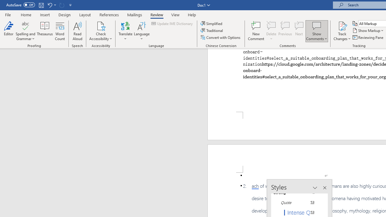 The height and width of the screenshot is (217, 386). What do you see at coordinates (316, 25) in the screenshot?
I see `'Show Comments'` at bounding box center [316, 25].